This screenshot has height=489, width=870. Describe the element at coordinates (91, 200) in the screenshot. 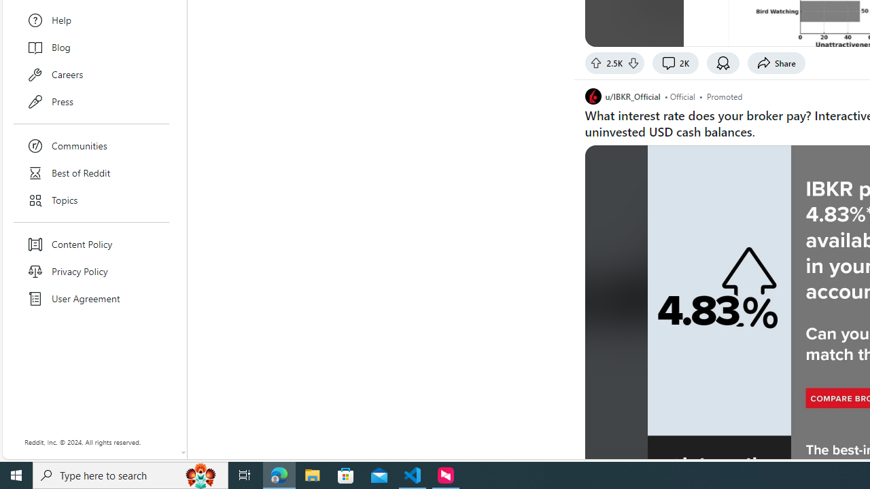

I see `'Topics'` at that location.